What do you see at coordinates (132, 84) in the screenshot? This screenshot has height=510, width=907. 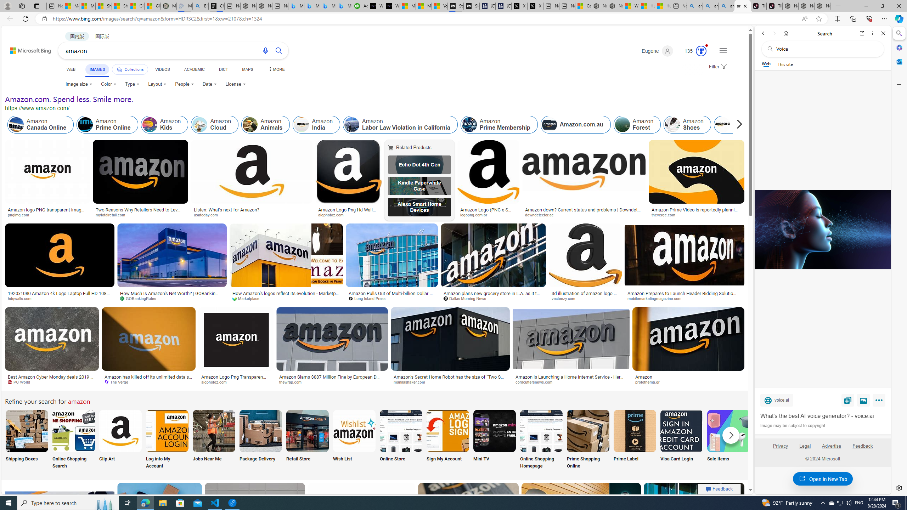 I see `'Type'` at bounding box center [132, 84].